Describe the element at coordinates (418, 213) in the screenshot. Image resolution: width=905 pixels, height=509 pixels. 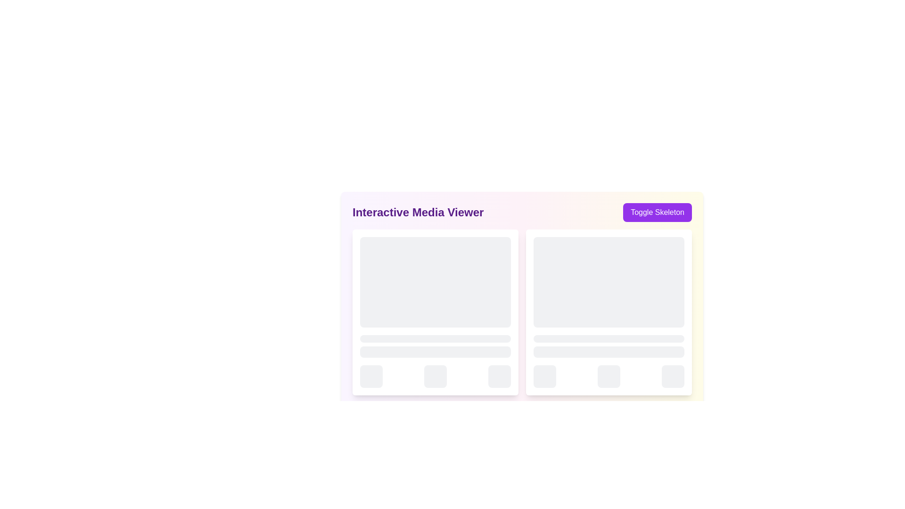
I see `text label that serves as a title or heading, positioned to the left of the 'Toggle Skeleton' button` at that location.